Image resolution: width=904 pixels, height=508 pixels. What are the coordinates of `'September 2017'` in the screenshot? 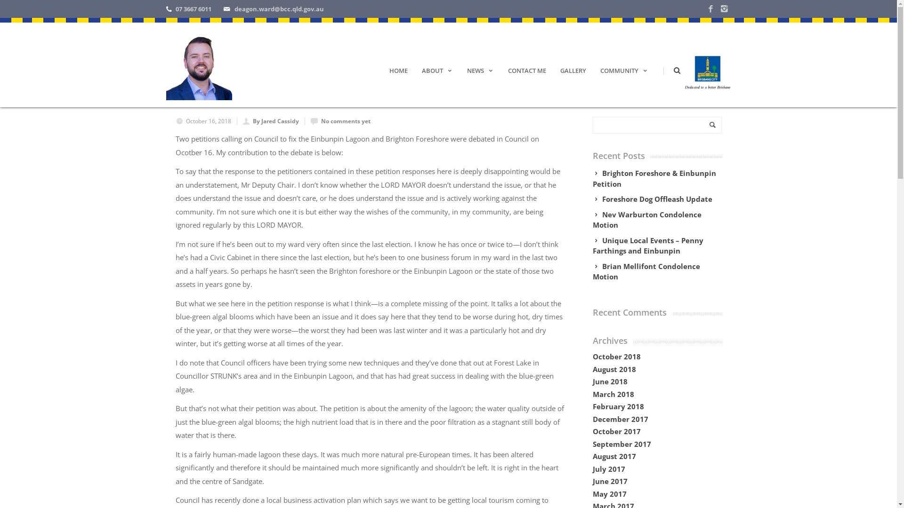 It's located at (621, 444).